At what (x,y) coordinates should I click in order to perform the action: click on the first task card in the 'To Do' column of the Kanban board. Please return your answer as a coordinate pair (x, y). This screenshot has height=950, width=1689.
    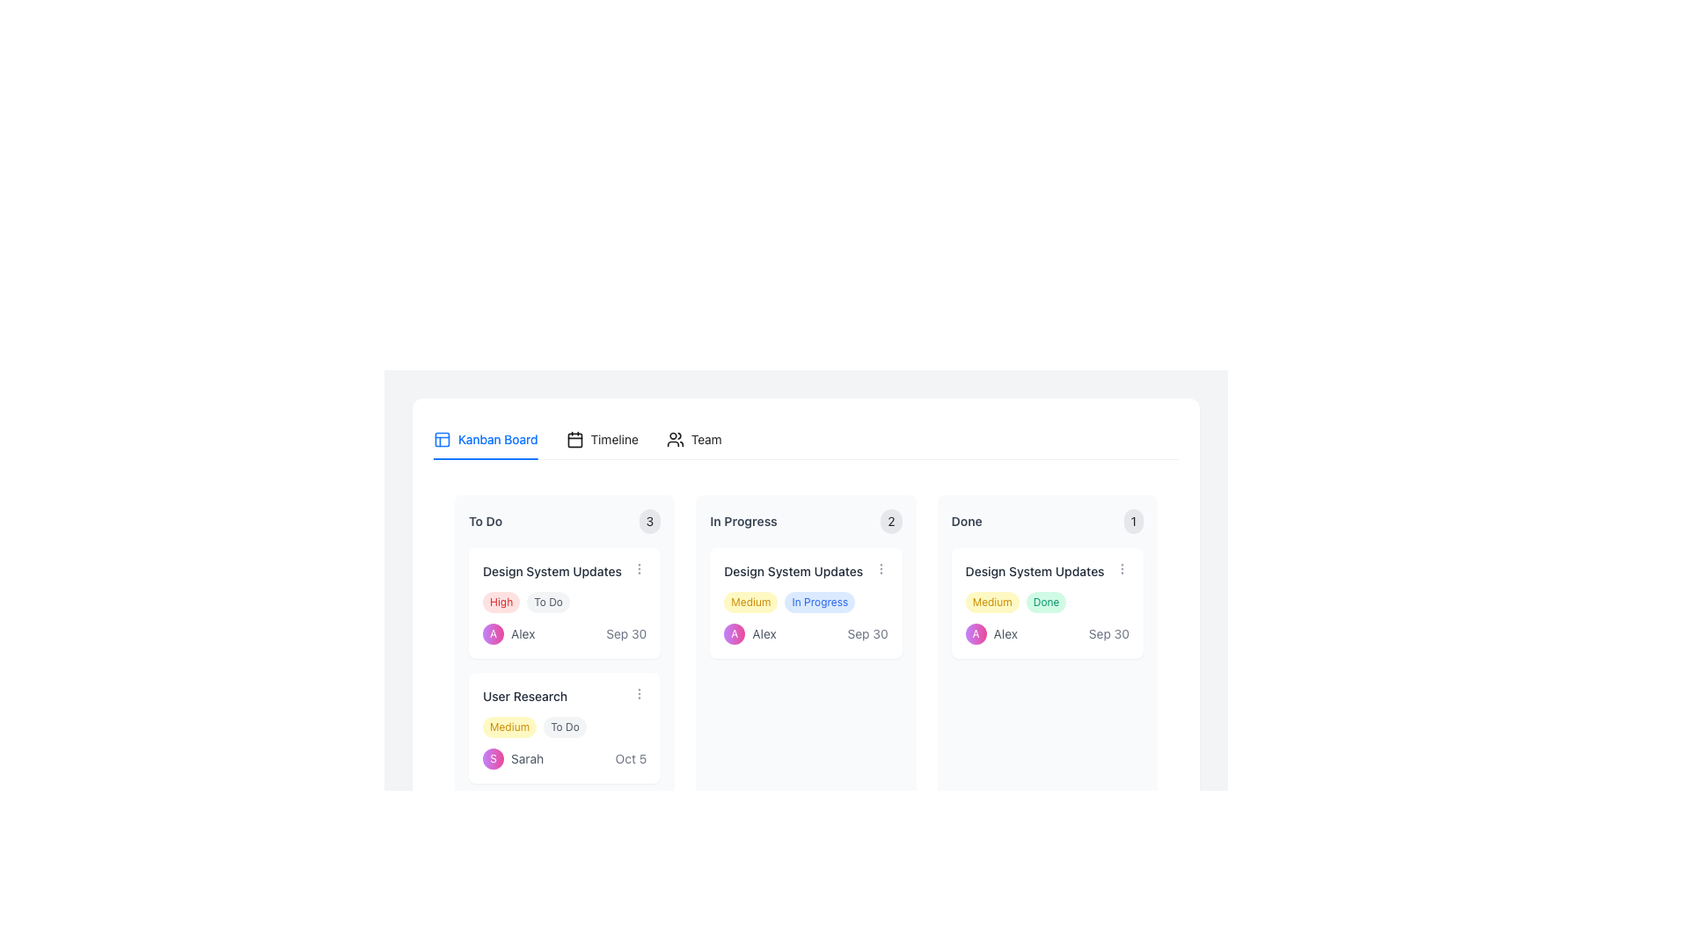
    Looking at the image, I should click on (565, 603).